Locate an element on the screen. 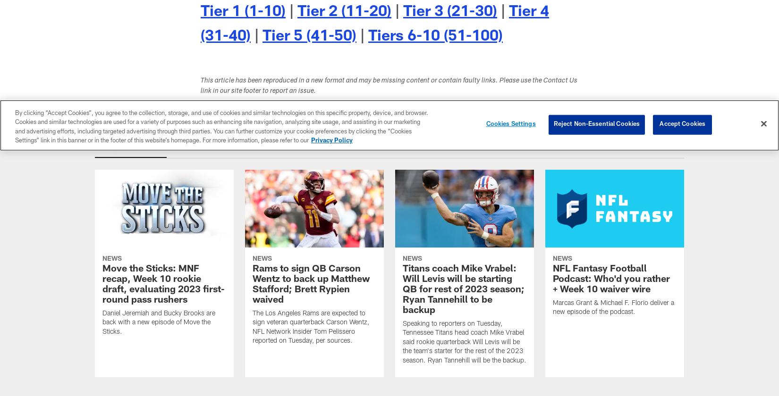 This screenshot has height=396, width=779. 'Tier 4 (31-40)' is located at coordinates (374, 25).